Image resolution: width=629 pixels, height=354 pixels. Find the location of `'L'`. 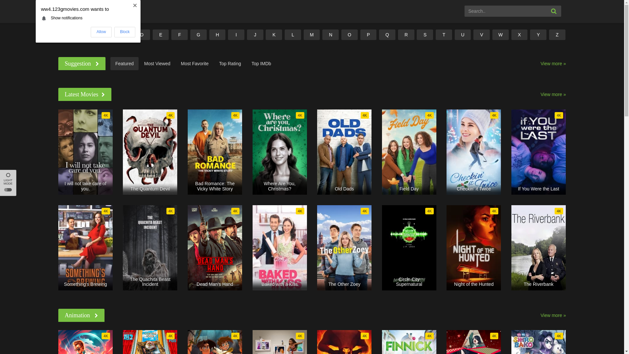

'L' is located at coordinates (284, 34).